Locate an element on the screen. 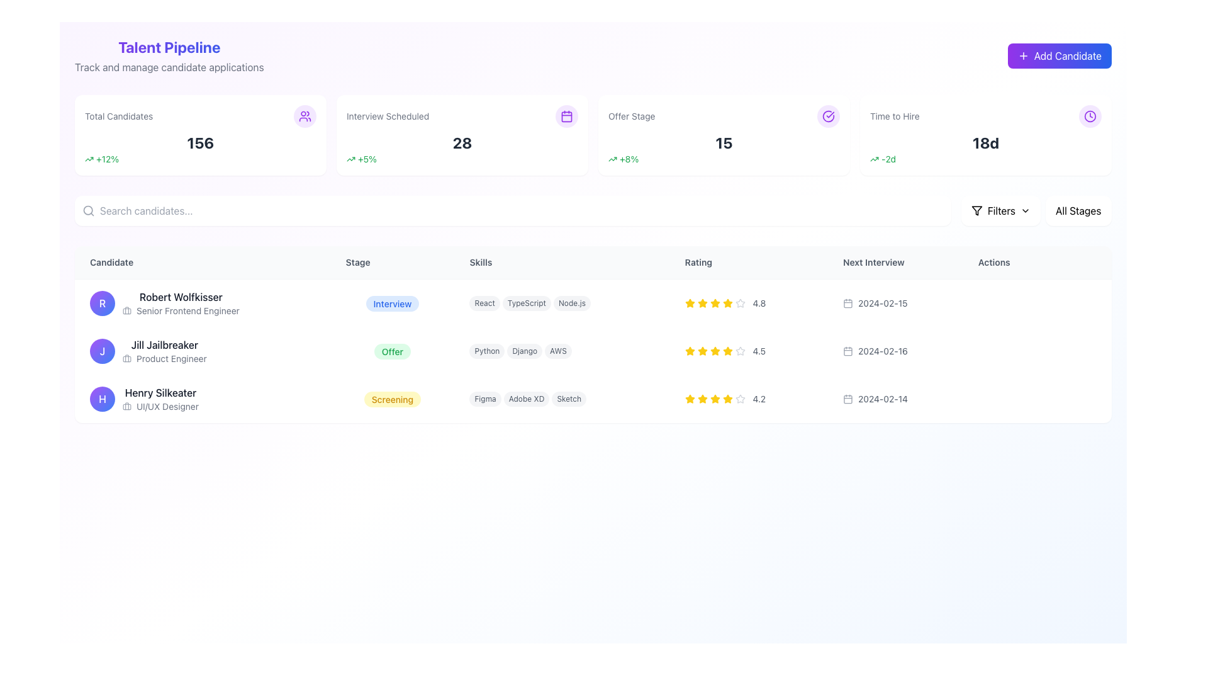 The height and width of the screenshot is (680, 1208). date displayed in the 'Next Interview' column for the candidate named 'Henry Silkeater' is located at coordinates (895, 399).